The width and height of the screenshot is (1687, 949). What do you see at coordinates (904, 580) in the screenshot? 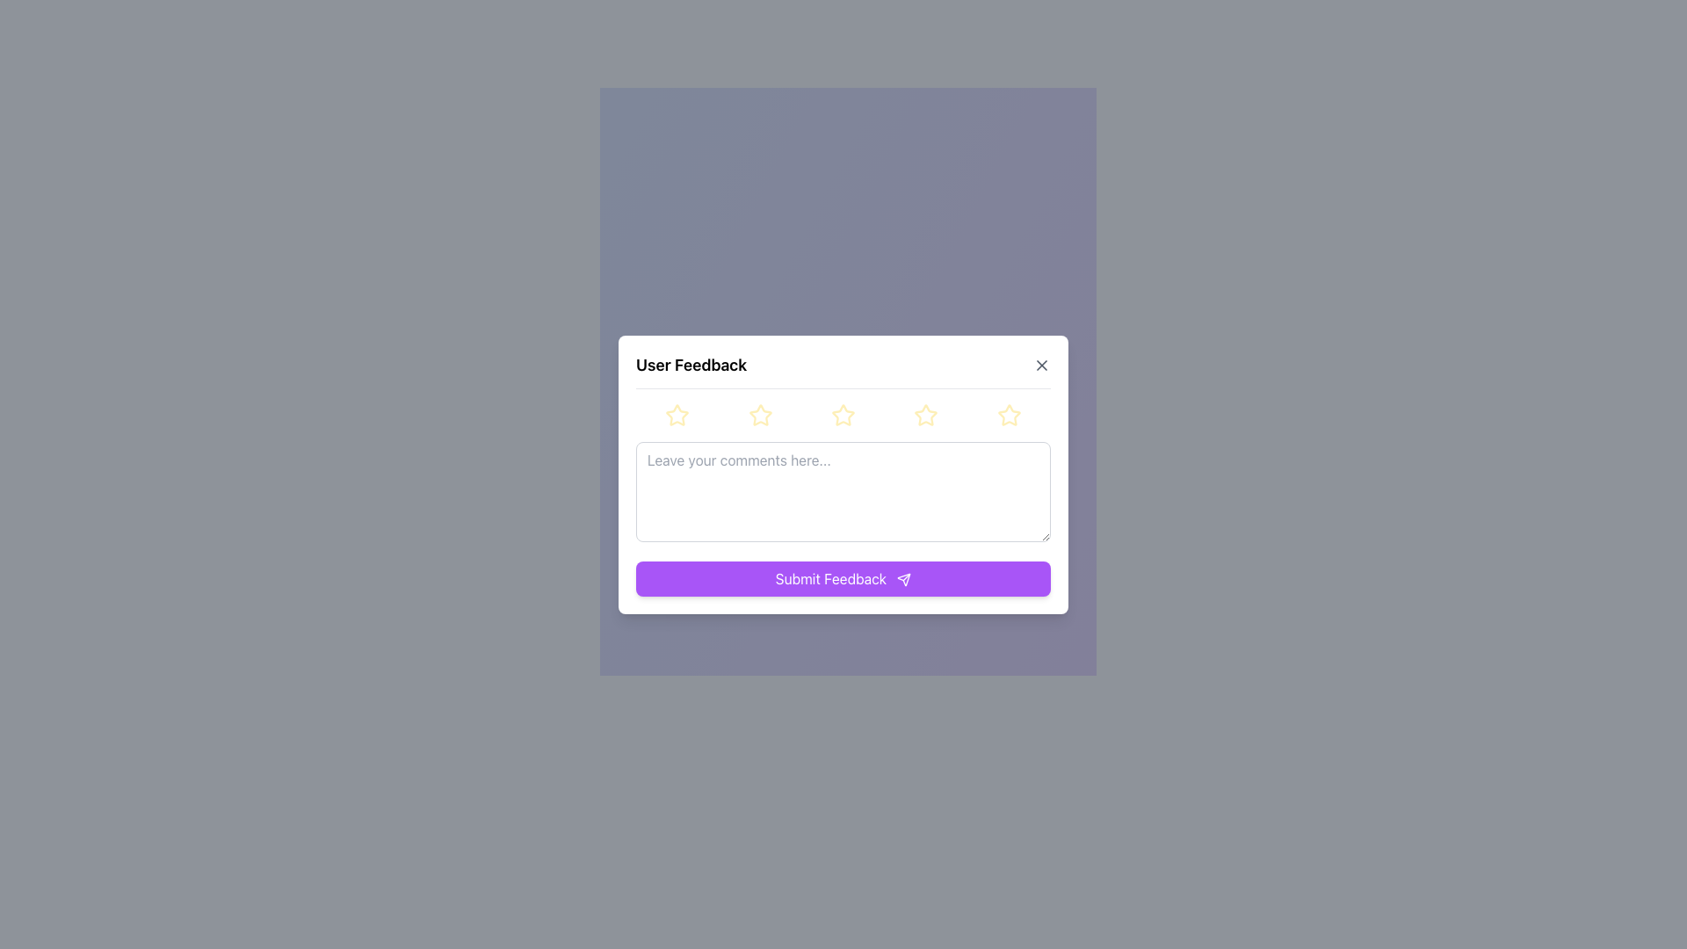
I see `the 'Submit Feedback' button located at the bottom of the feedback dialog box` at bounding box center [904, 580].